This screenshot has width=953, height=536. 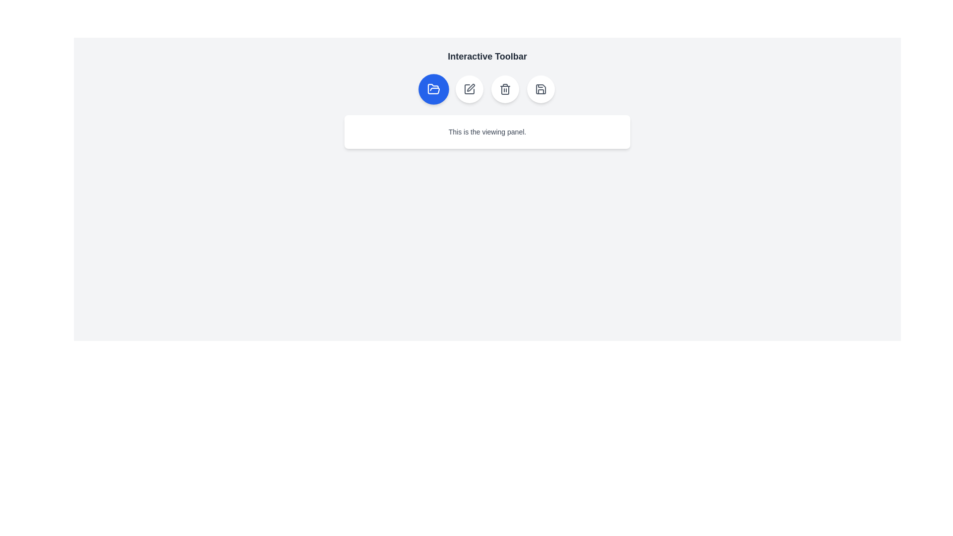 I want to click on the edit icon button, which is a square outline with a diagonal pen symbol, located centrally in the toolbar as the second icon from the left, so click(x=469, y=89).